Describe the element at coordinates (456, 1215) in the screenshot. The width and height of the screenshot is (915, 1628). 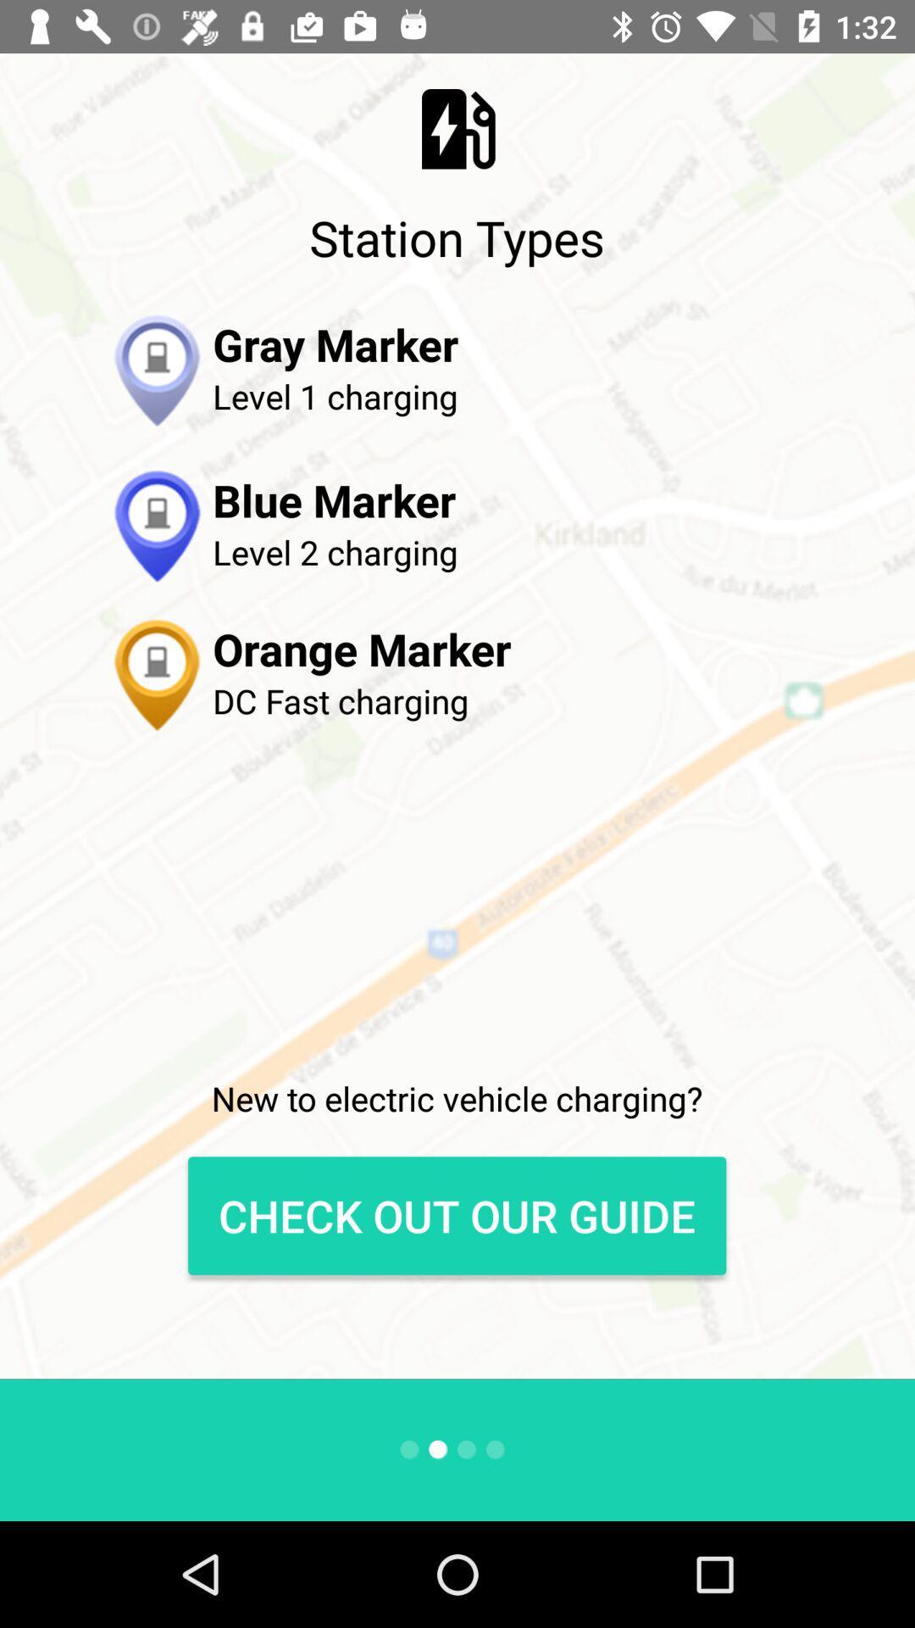
I see `the check out our icon` at that location.